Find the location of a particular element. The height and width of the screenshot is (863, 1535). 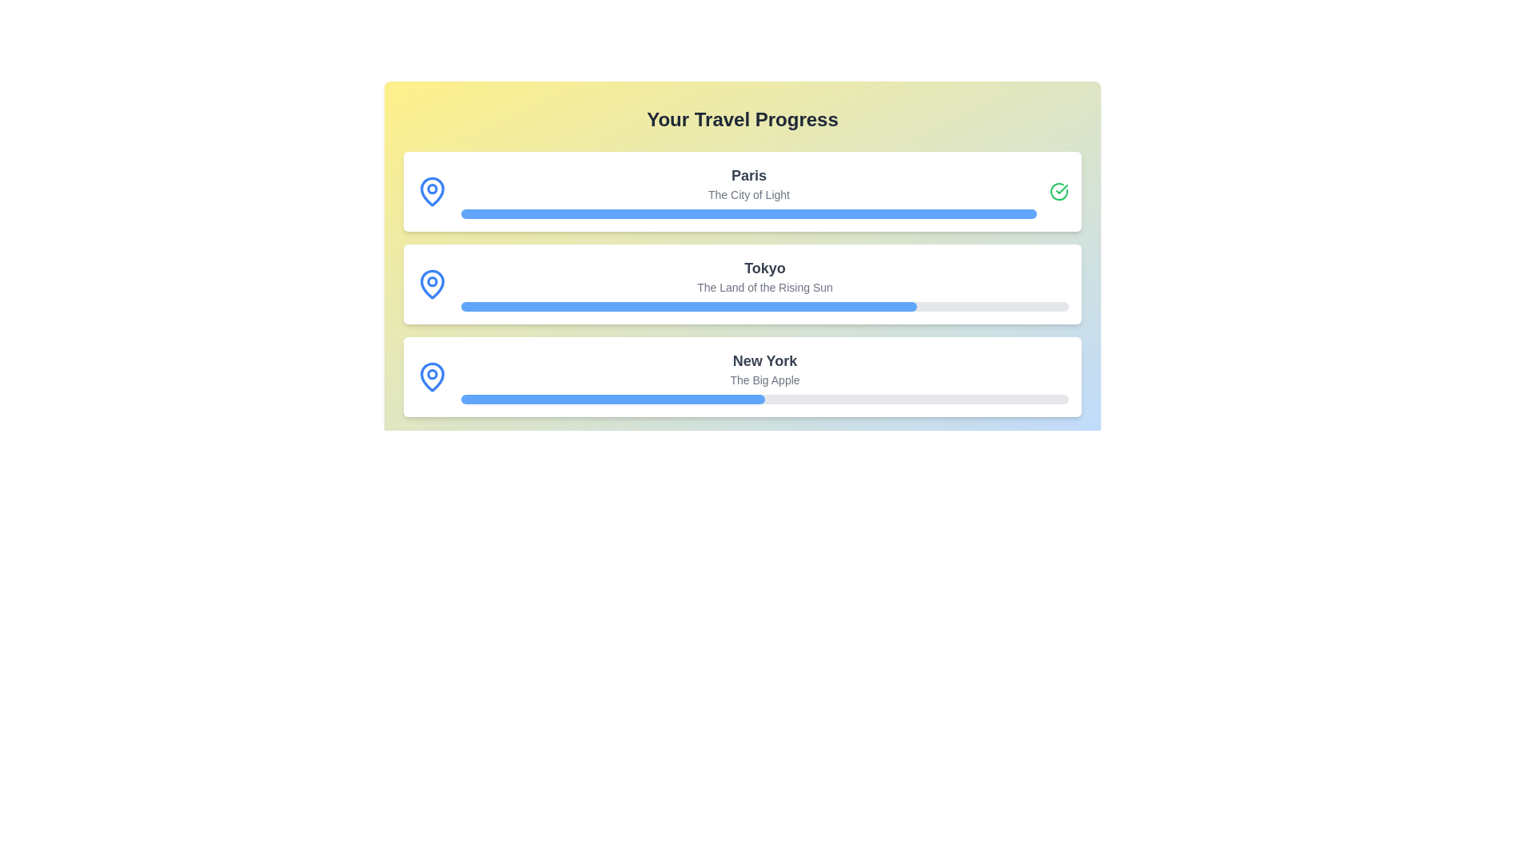

the progress visually on the horizontal progress bar located below the text 'The City of Light' in the section titled 'Paris' is located at coordinates (748, 213).